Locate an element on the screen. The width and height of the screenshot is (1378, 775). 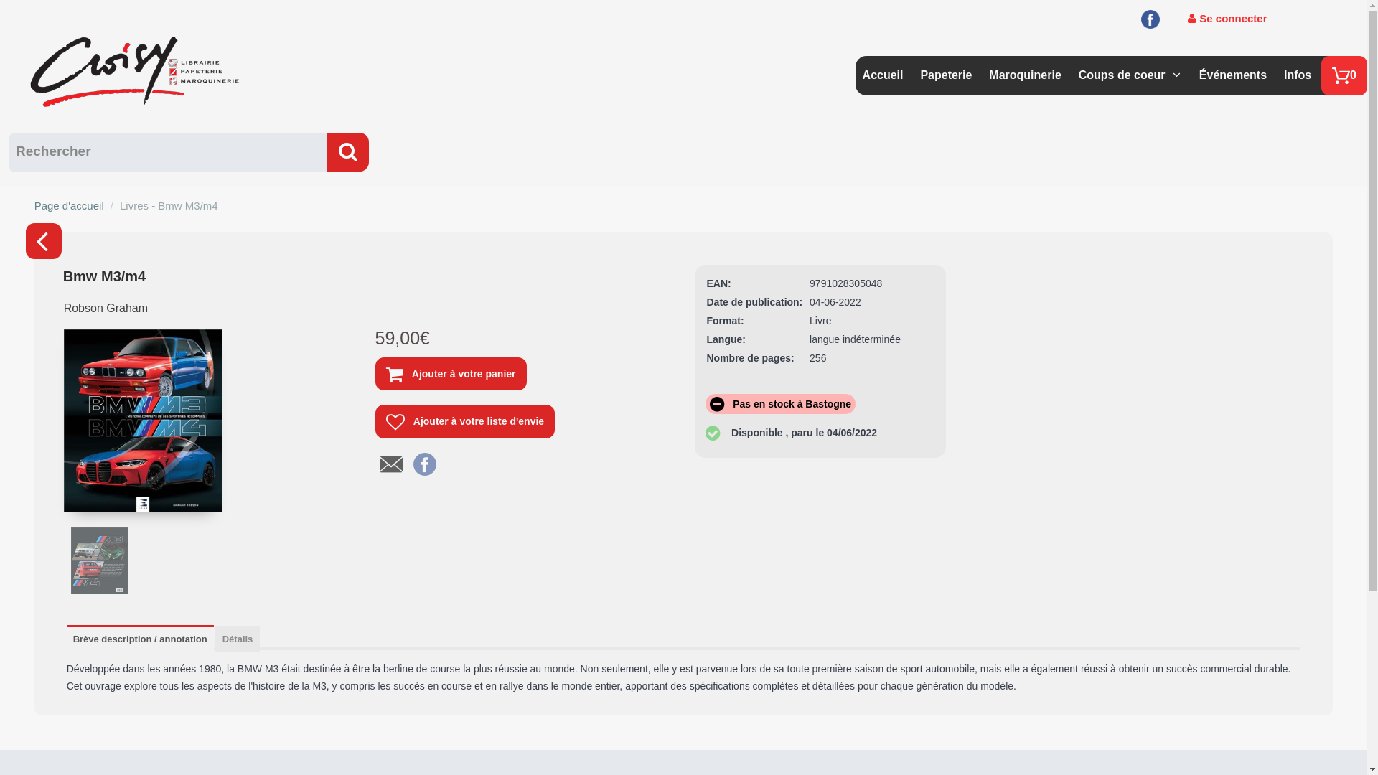
'Maroquinerie' is located at coordinates (988, 70).